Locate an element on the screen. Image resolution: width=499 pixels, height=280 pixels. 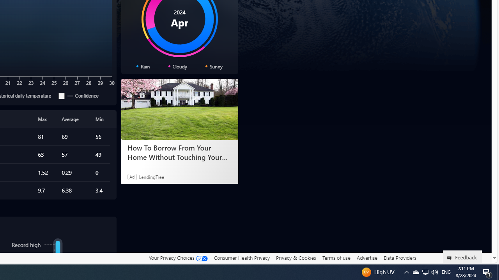
'Data Providers' is located at coordinates (400, 258).